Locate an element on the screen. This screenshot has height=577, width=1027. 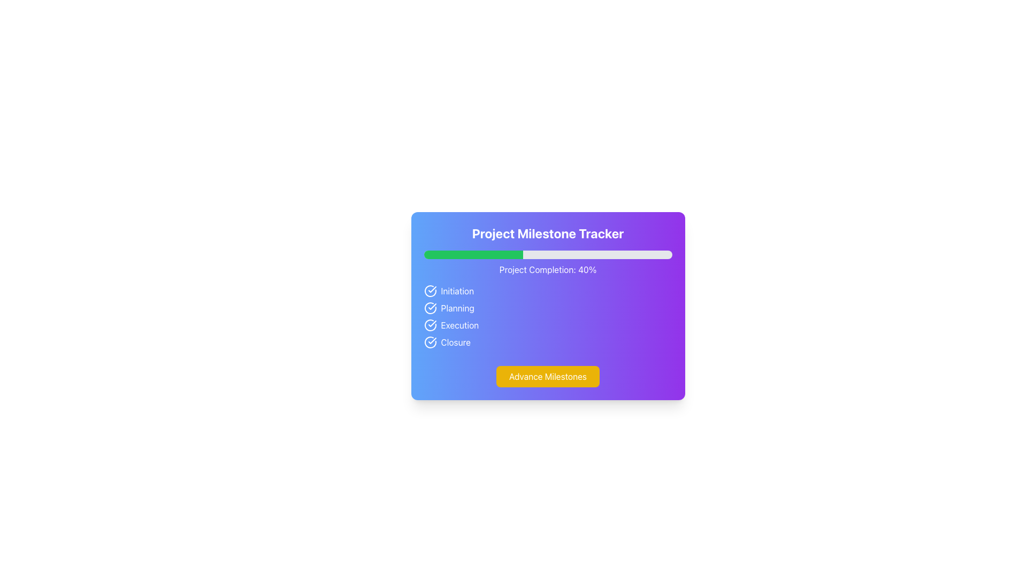
the circular icon with a checkmark located beside the text 'Execution' in the milestones list is located at coordinates (432, 325).